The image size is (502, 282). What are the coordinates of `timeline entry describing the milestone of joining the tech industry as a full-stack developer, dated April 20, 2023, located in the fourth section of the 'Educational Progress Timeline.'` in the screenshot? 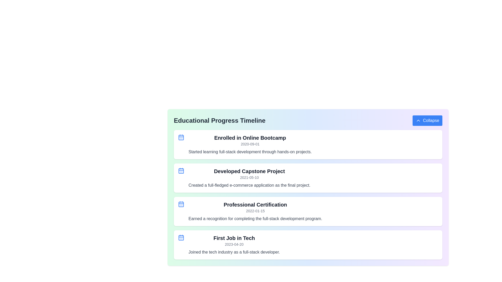 It's located at (234, 245).